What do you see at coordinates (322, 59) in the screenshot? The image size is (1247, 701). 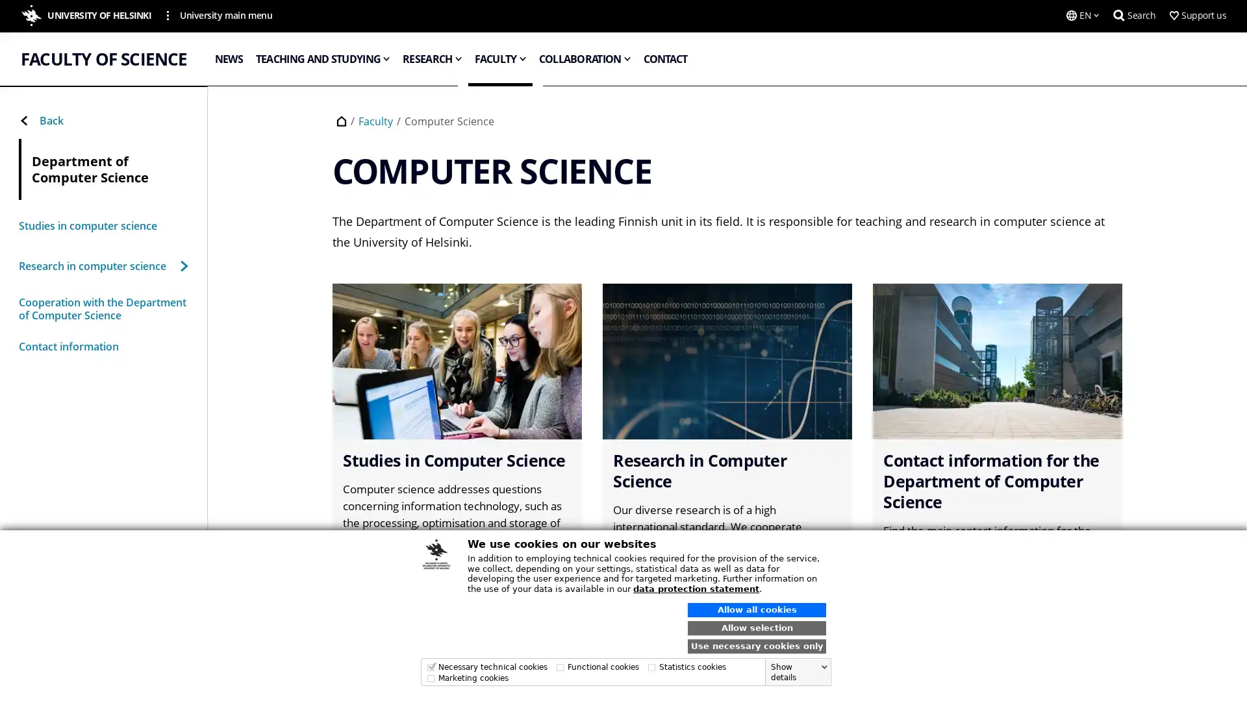 I see `TEACHING AND STUDYING` at bounding box center [322, 59].